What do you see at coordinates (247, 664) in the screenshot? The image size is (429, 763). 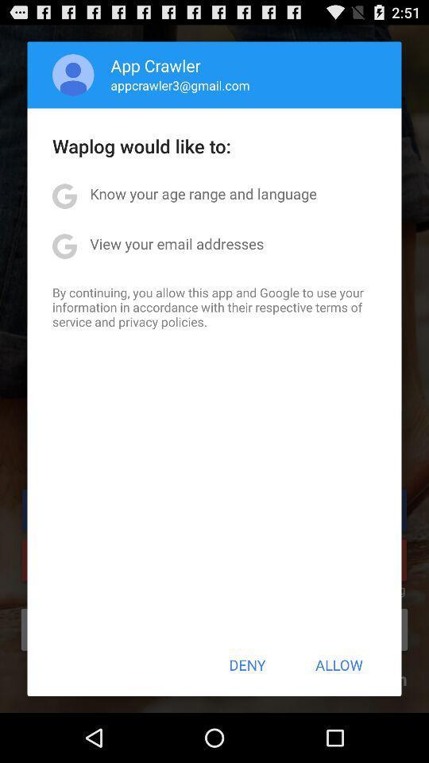 I see `the icon next to the allow item` at bounding box center [247, 664].